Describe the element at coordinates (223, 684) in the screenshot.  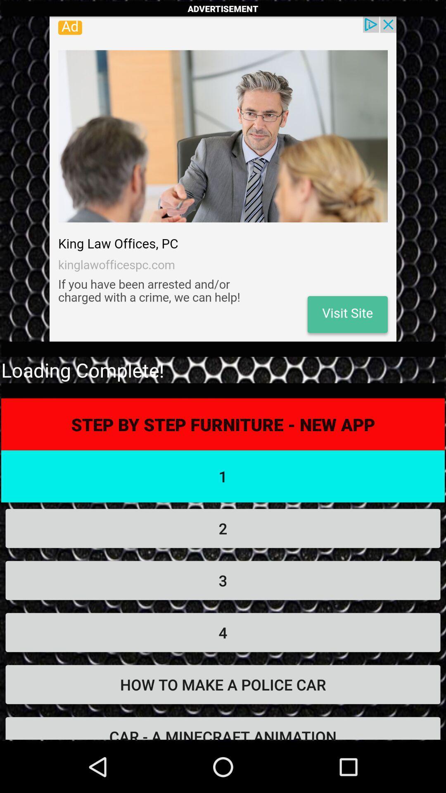
I see `how to make a police car option` at that location.